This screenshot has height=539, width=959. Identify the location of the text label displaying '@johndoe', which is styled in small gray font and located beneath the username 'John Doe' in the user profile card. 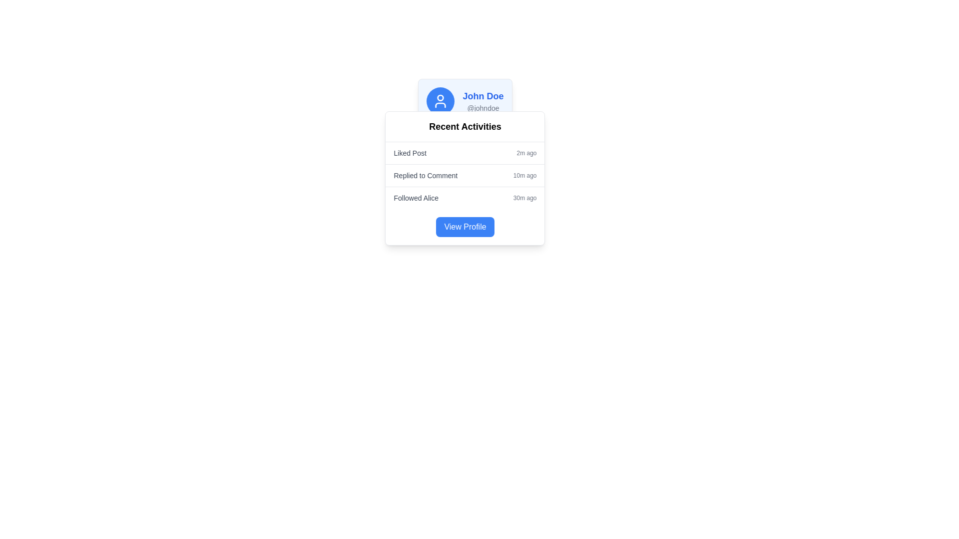
(483, 108).